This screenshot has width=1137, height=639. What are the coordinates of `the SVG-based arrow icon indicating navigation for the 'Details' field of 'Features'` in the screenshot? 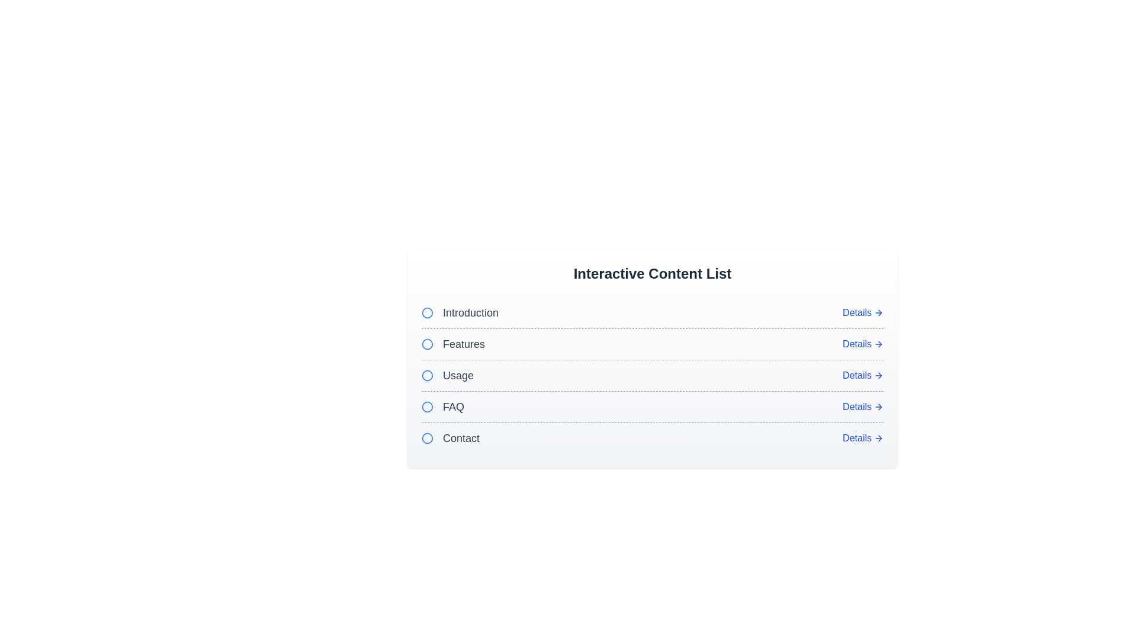 It's located at (880, 344).